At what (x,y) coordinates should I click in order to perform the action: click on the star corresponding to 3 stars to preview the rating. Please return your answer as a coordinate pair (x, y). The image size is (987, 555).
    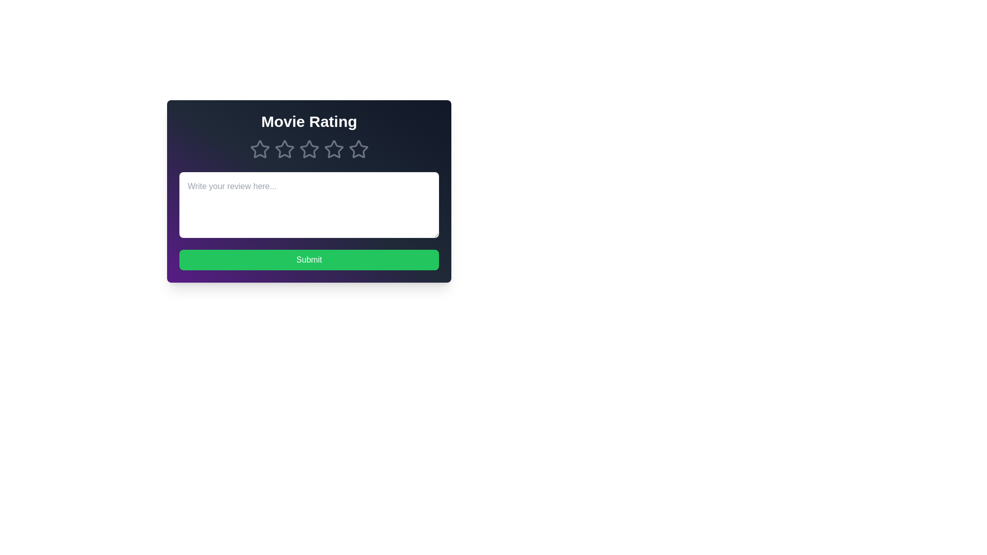
    Looking at the image, I should click on (308, 149).